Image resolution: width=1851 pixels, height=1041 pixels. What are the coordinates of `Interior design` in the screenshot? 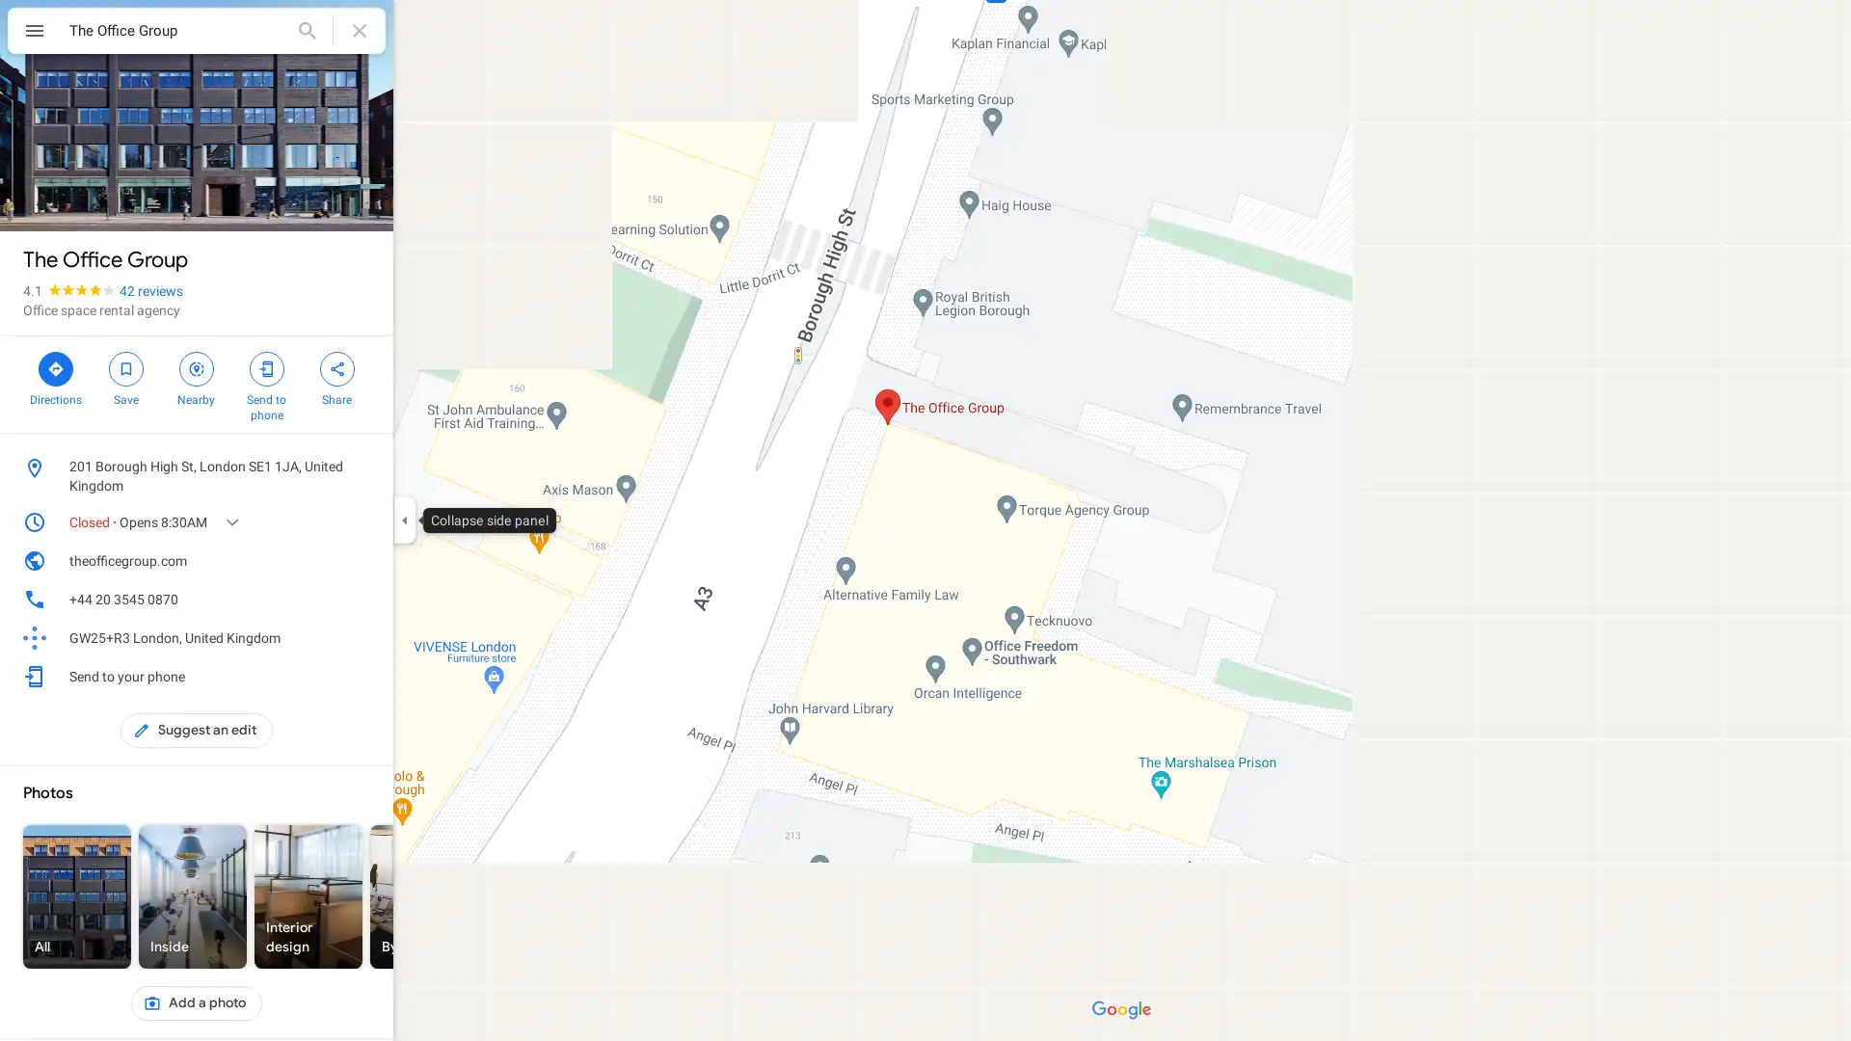 It's located at (308, 896).